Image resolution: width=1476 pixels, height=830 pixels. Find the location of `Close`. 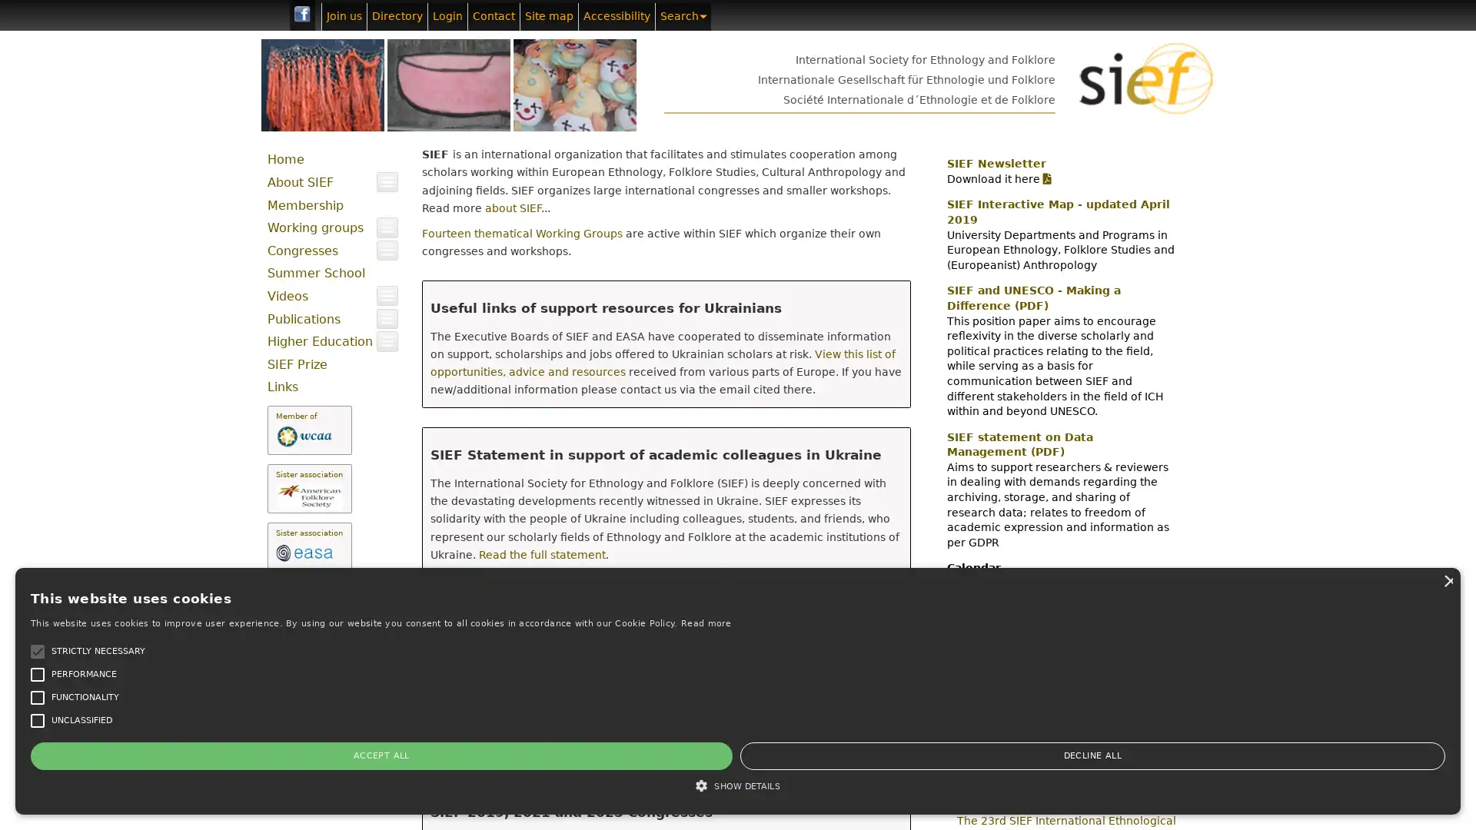

Close is located at coordinates (231, 518).